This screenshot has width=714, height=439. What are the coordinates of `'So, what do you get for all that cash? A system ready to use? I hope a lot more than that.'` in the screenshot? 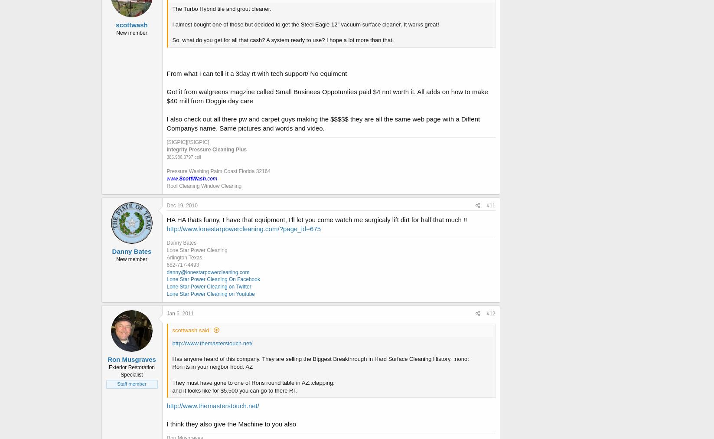 It's located at (172, 39).